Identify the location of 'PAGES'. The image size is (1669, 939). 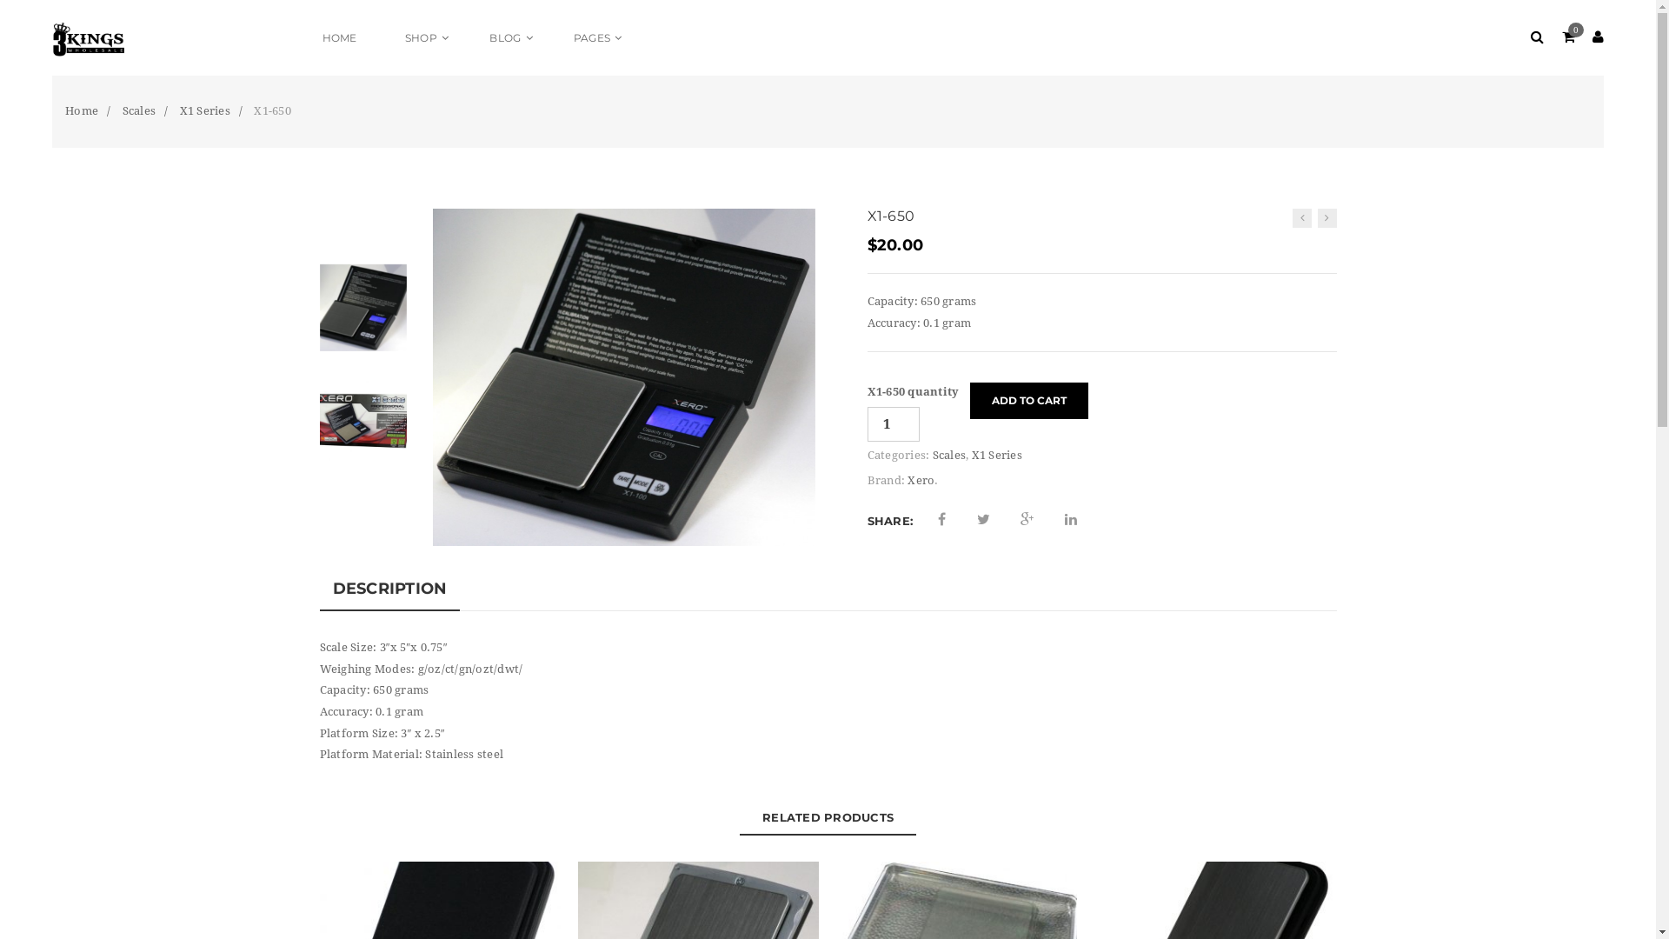
(594, 37).